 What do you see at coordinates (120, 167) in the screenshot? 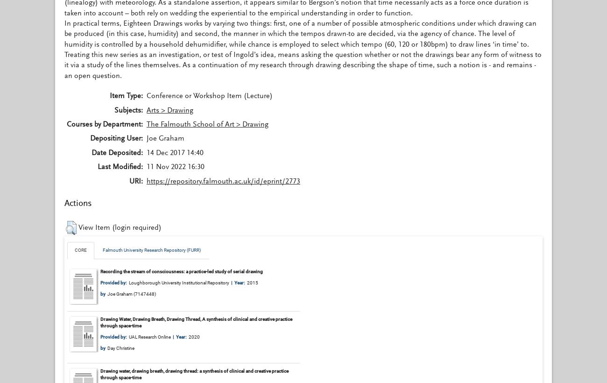
I see `'Last Modified:'` at bounding box center [120, 167].